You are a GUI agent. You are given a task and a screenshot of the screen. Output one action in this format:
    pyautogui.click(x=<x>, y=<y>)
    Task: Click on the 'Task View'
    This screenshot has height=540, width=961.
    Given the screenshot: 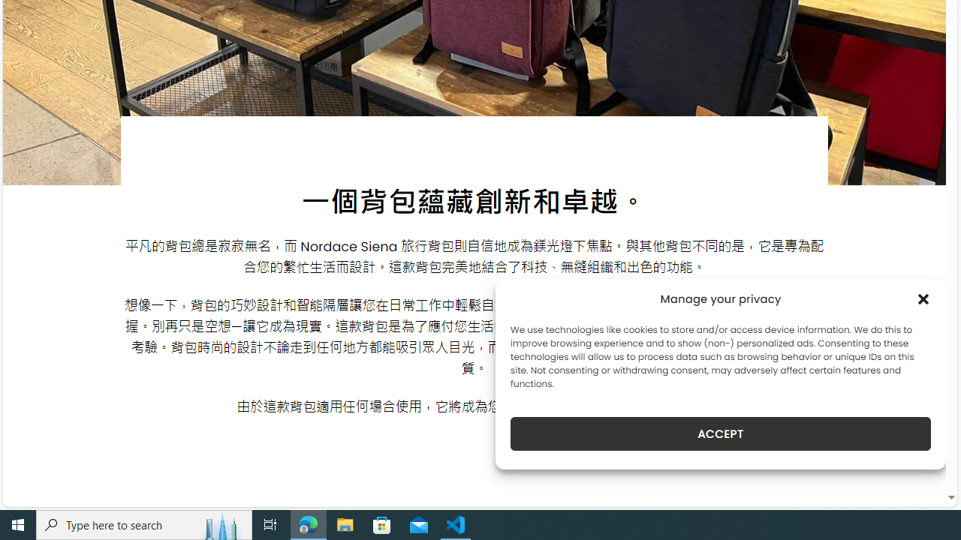 What is the action you would take?
    pyautogui.click(x=270, y=523)
    